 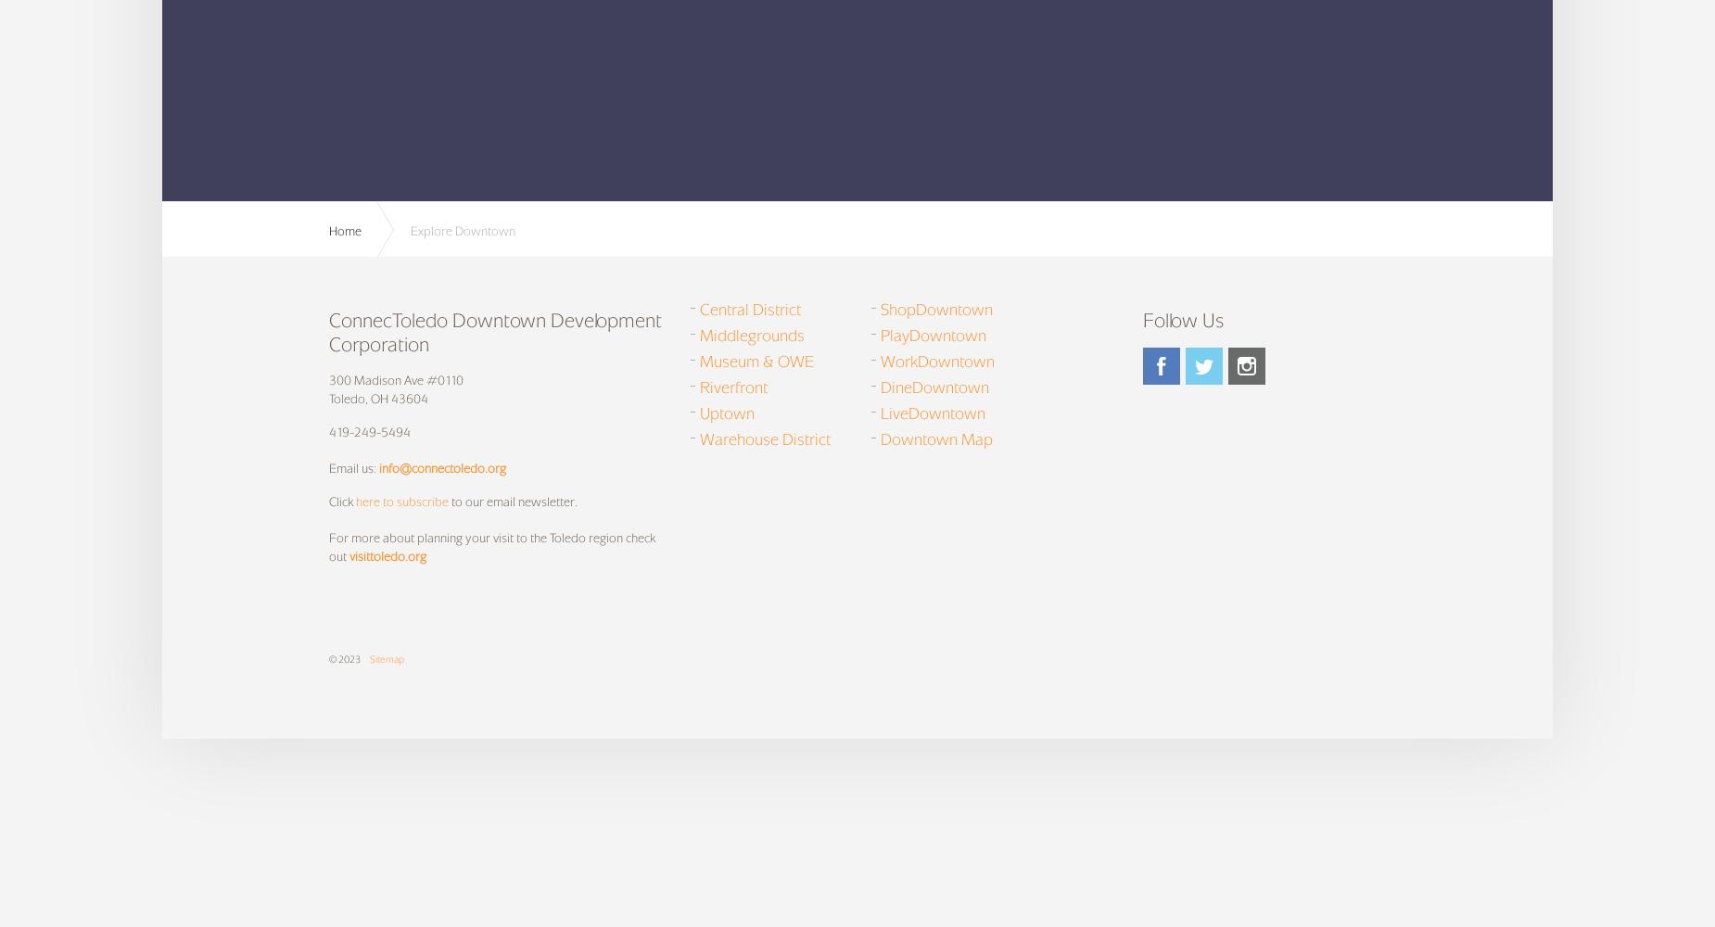 What do you see at coordinates (1181, 318) in the screenshot?
I see `'Follow Us'` at bounding box center [1181, 318].